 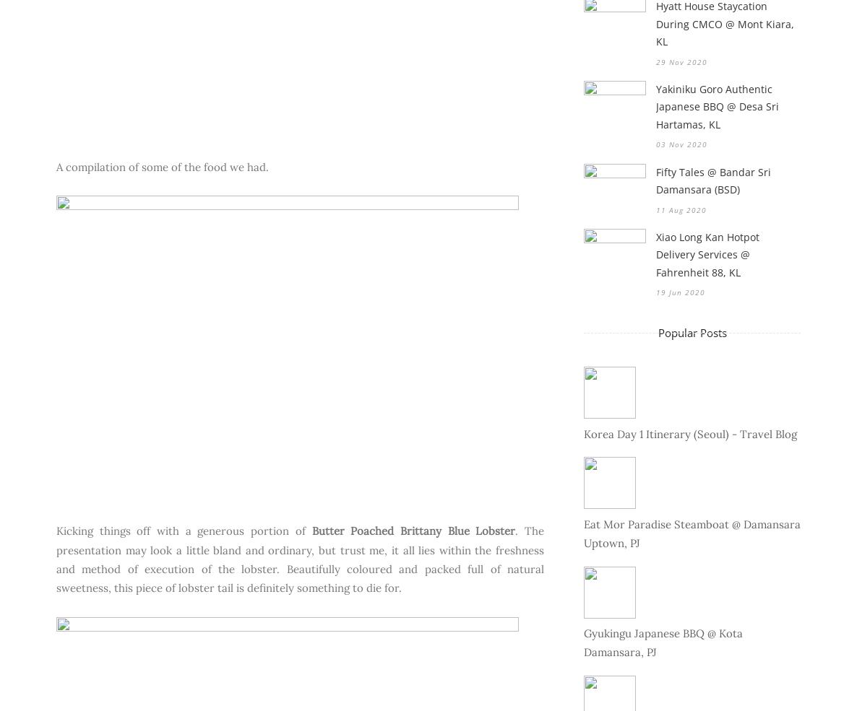 I want to click on 'Xiao Long Kan Hotpot Delivery Services @ Fahrenheit 88, KL', so click(x=707, y=254).